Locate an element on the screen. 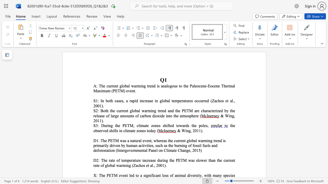 The width and height of the screenshot is (328, 184). the 2th character "a" in the text is located at coordinates (183, 125).